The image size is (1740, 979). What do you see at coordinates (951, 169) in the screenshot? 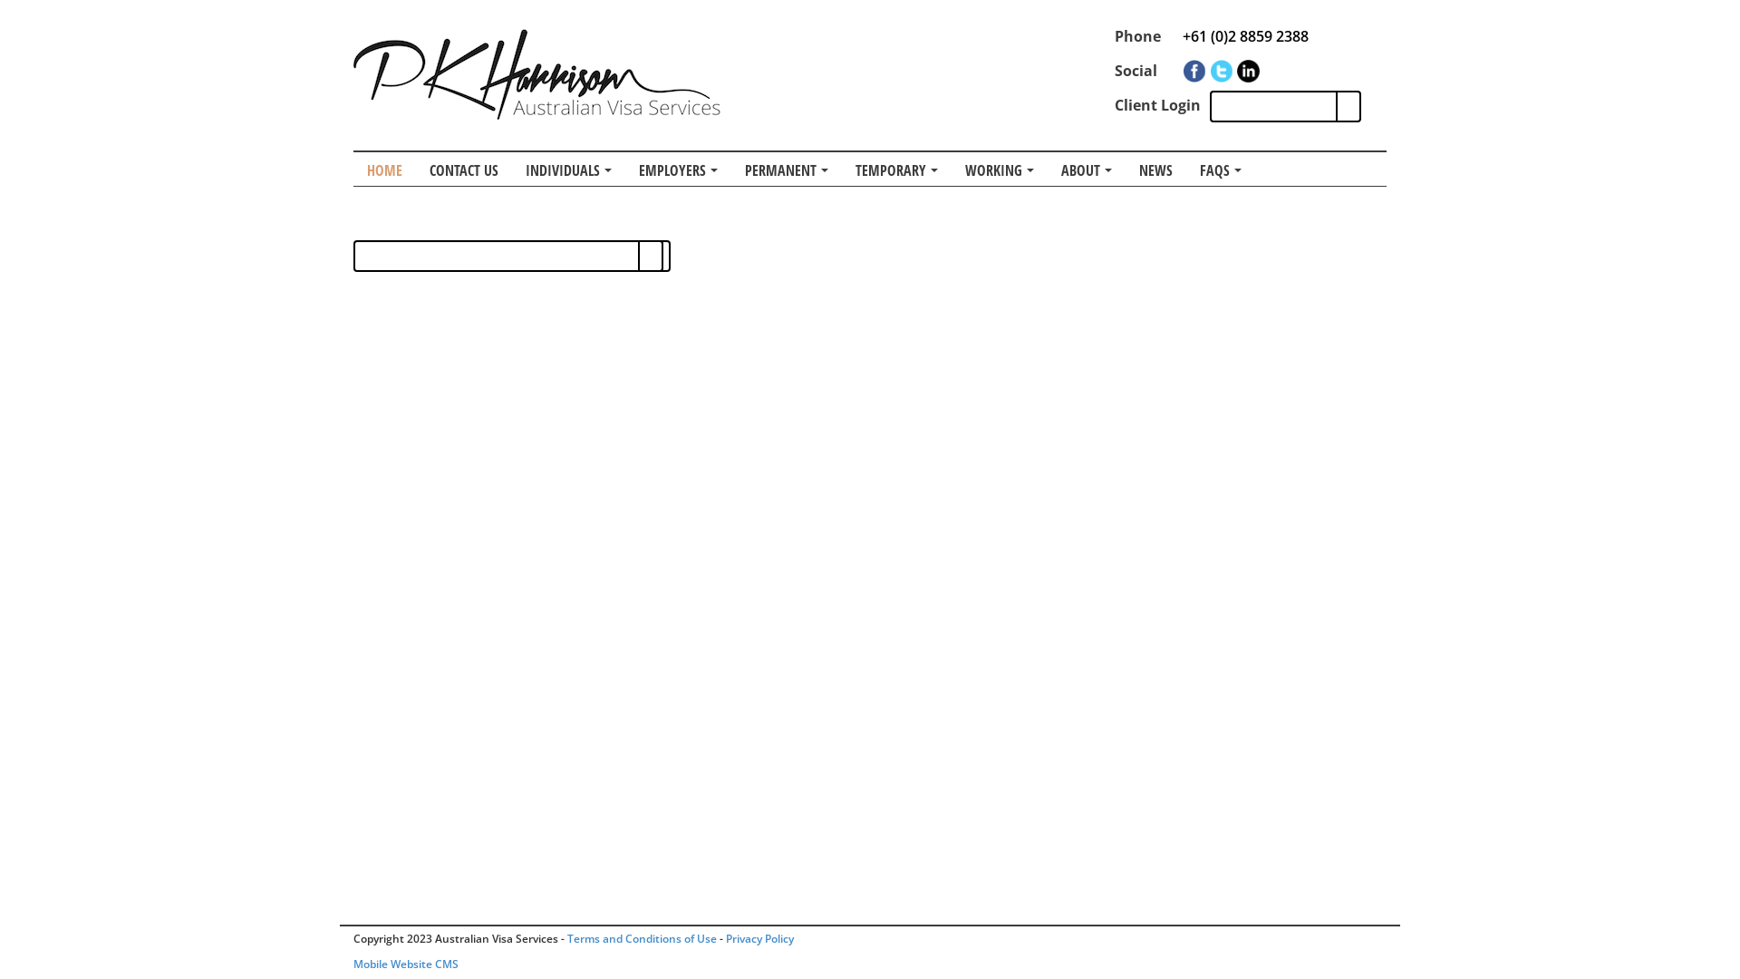
I see `'WORKING'` at bounding box center [951, 169].